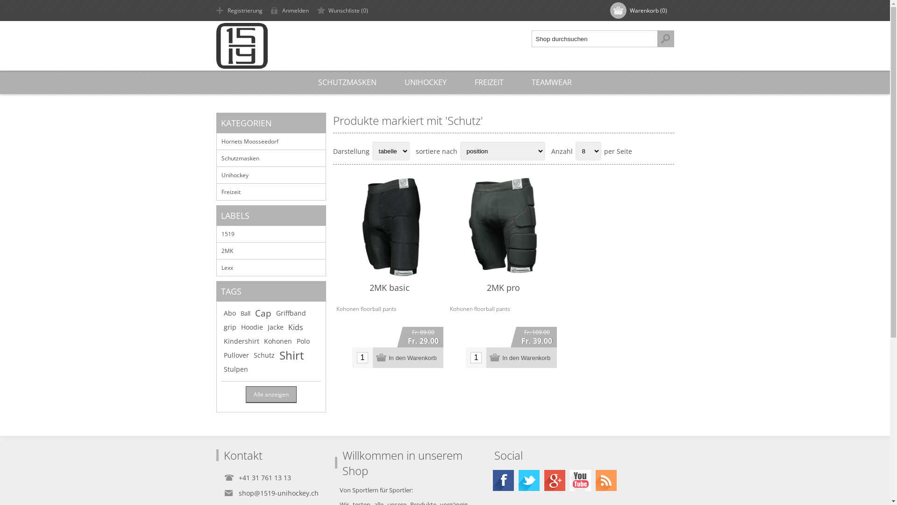  What do you see at coordinates (303, 341) in the screenshot?
I see `'Polo'` at bounding box center [303, 341].